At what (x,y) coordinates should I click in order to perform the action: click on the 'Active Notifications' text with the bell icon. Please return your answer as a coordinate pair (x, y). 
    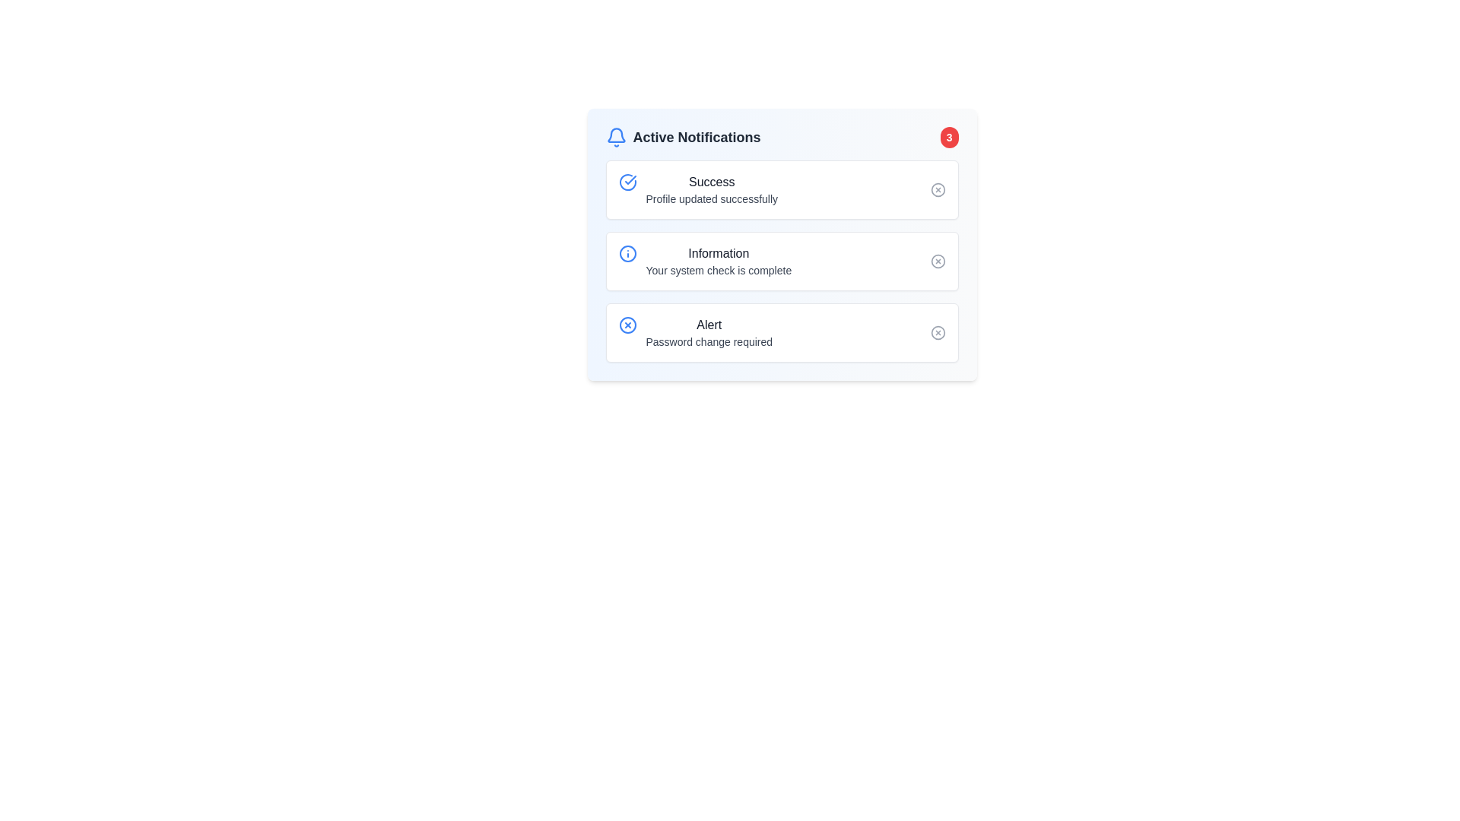
    Looking at the image, I should click on (682, 138).